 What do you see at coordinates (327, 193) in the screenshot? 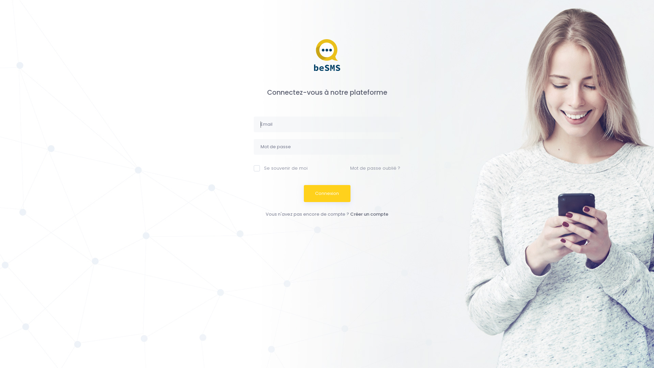
I see `'Connexion'` at bounding box center [327, 193].